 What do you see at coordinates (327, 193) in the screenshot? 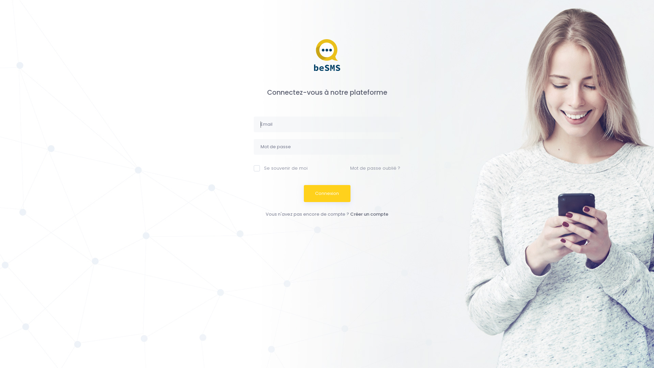
I see `'Connexion'` at bounding box center [327, 193].